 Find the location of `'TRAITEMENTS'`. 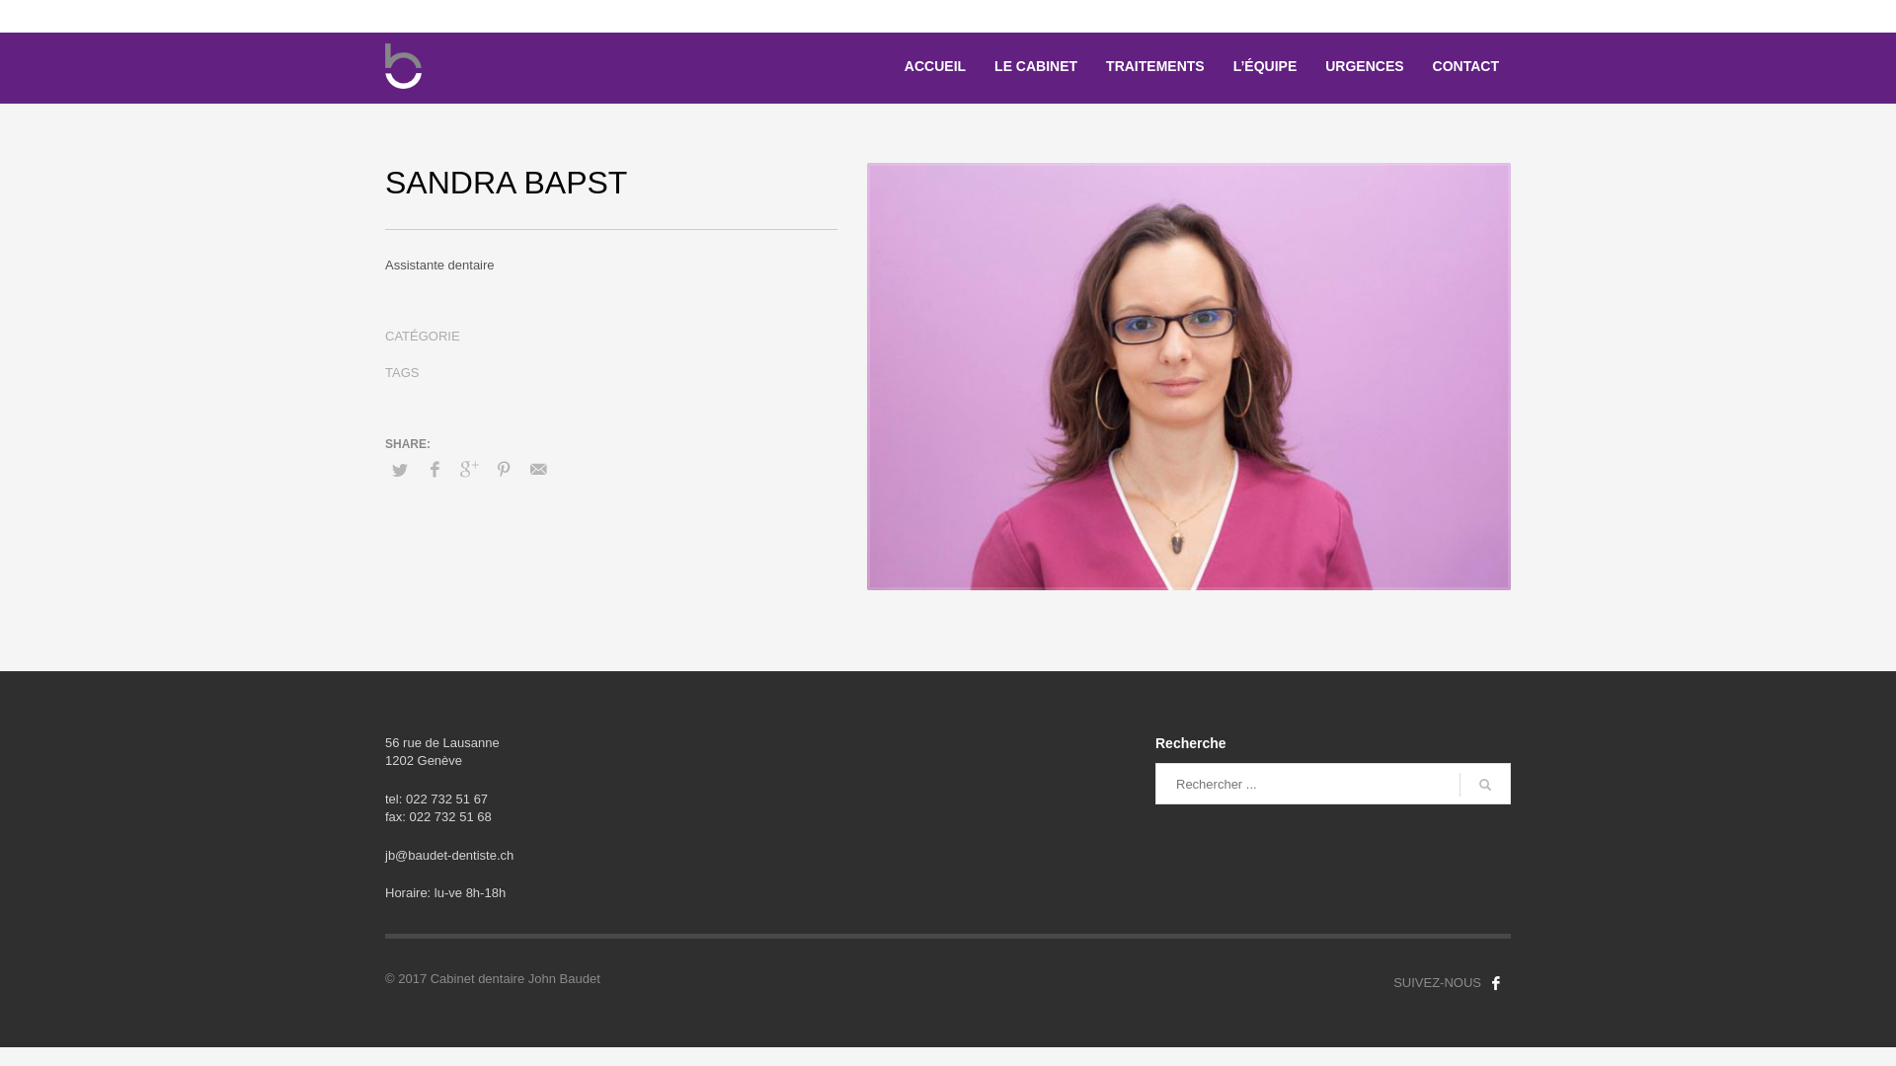

'TRAITEMENTS' is located at coordinates (1155, 64).